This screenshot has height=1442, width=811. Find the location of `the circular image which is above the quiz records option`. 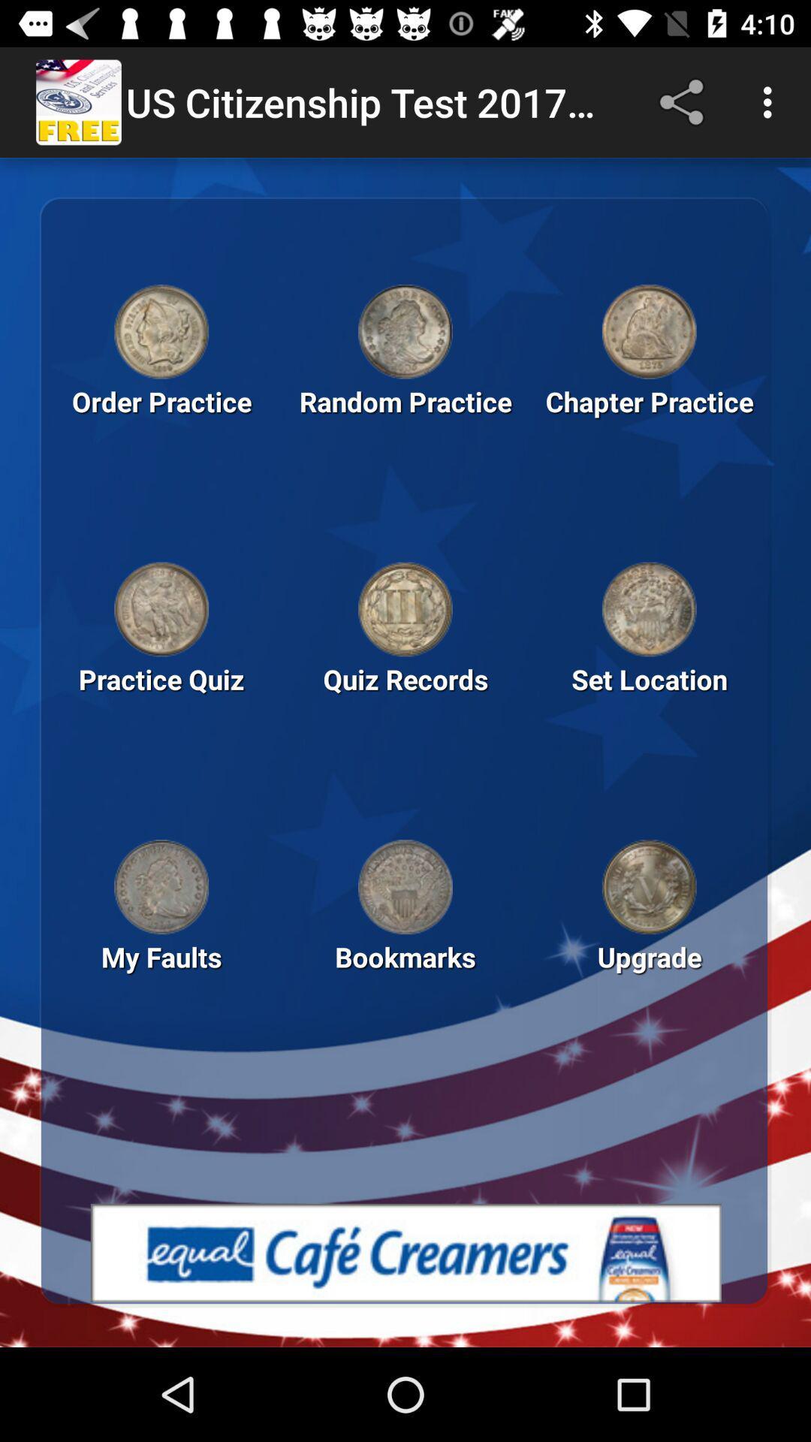

the circular image which is above the quiz records option is located at coordinates (405, 609).